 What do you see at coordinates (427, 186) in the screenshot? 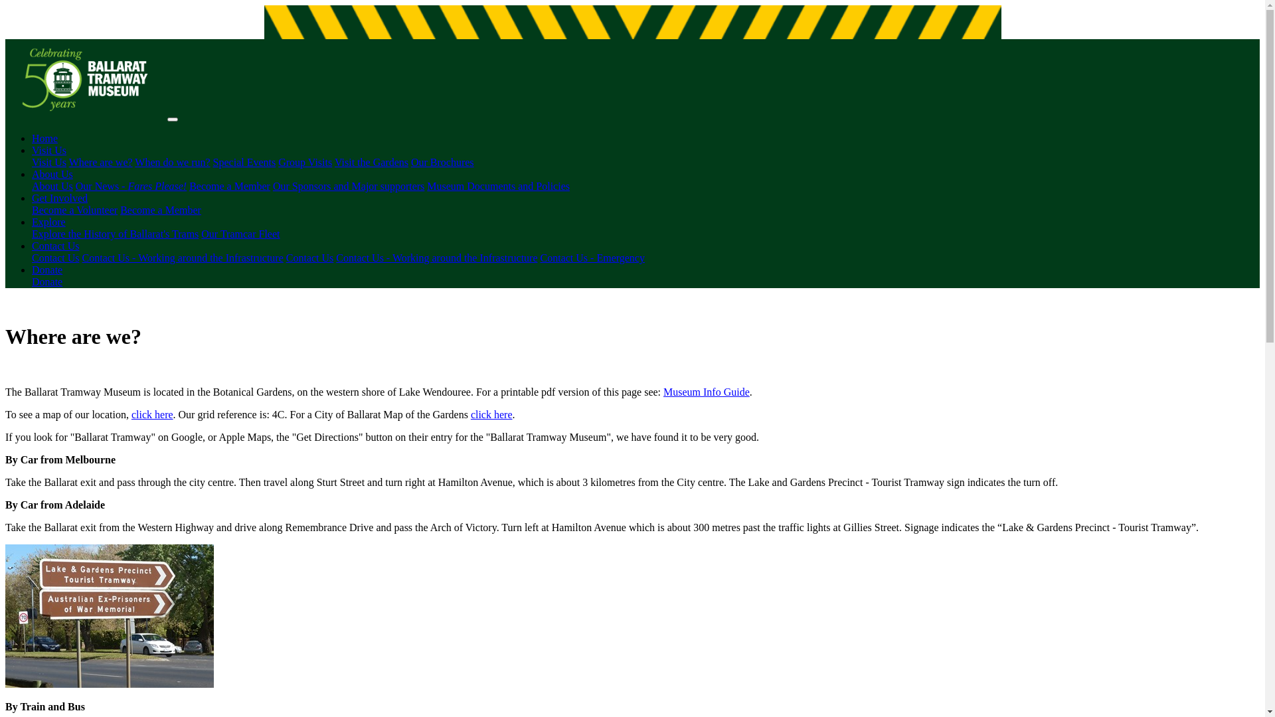
I see `'Museum Documents and Policies'` at bounding box center [427, 186].